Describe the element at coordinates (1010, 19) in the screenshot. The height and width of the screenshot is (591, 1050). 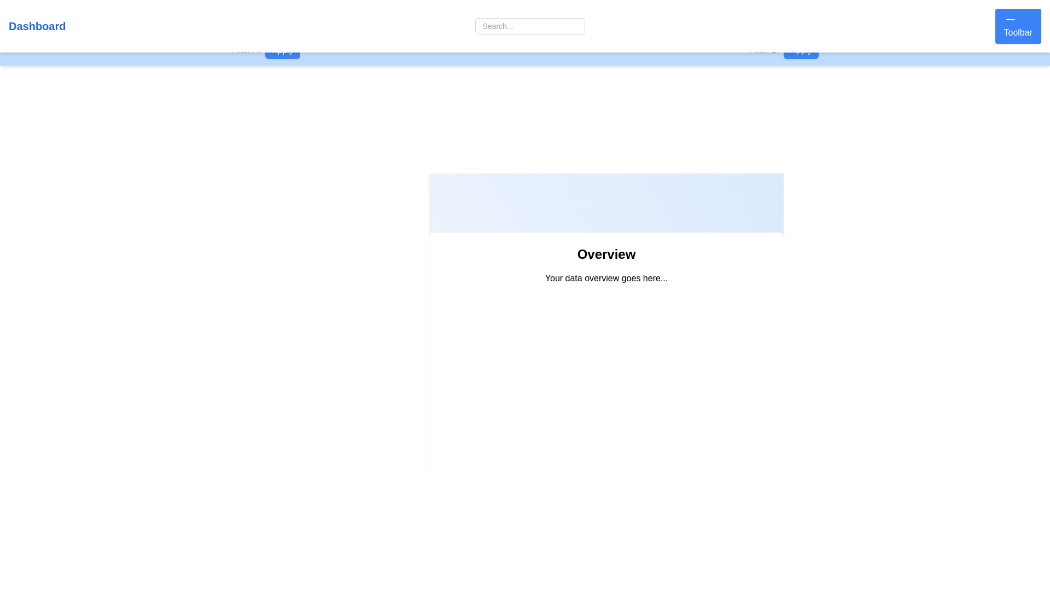
I see `the 'minus' icon located centrally within the 'Toolbar' button at the top-right corner of the interface` at that location.